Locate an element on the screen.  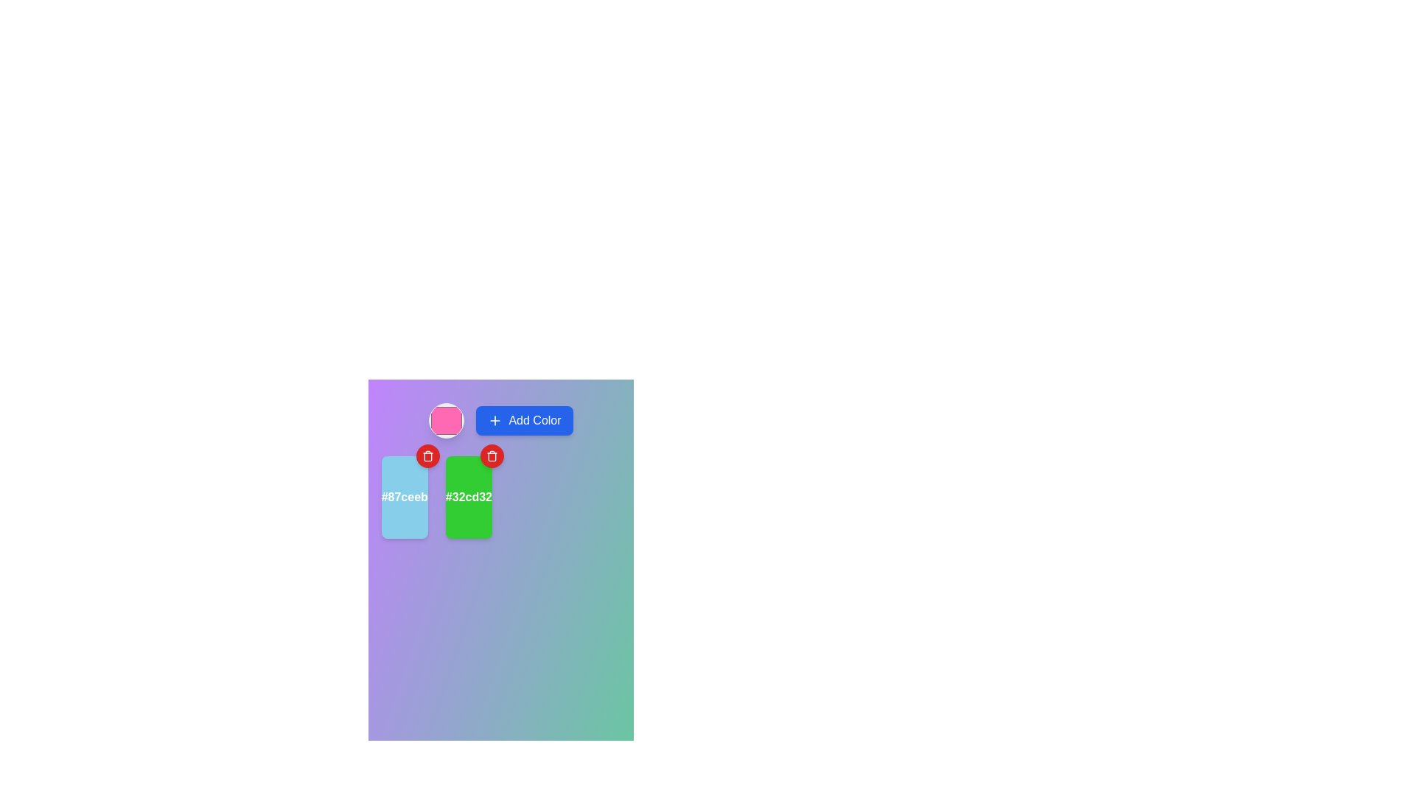
the delete icon button located at the top-right corner of the card with label '#32cd32' to initiate the delete action for the associated card is located at coordinates (492, 455).